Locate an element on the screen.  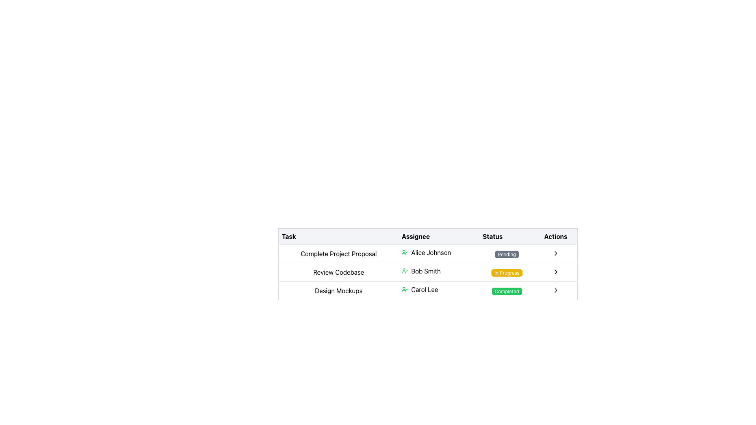
the SVG Icon indicating completion or approval status for the user 'Carol Lee' located in the 'Assignee' column of the last row in the table is located at coordinates (405, 290).